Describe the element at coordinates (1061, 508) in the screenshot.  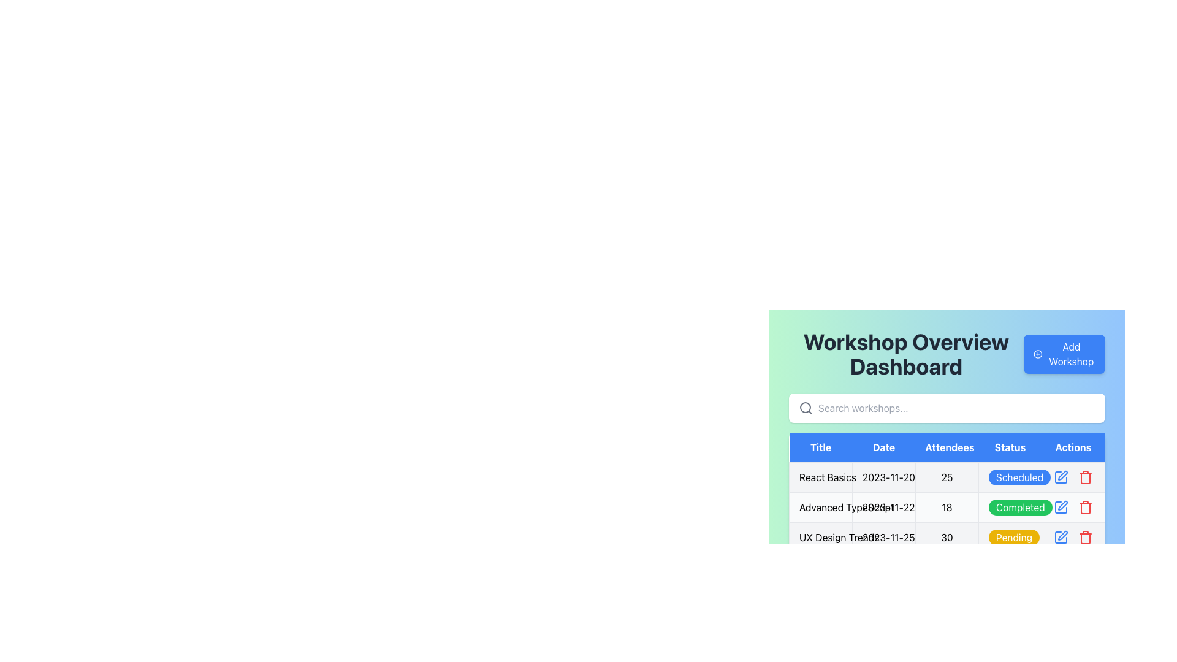
I see `the edit button icon in the 'Actions' column of the second row for the 'Advanced Typescript' workshop` at that location.